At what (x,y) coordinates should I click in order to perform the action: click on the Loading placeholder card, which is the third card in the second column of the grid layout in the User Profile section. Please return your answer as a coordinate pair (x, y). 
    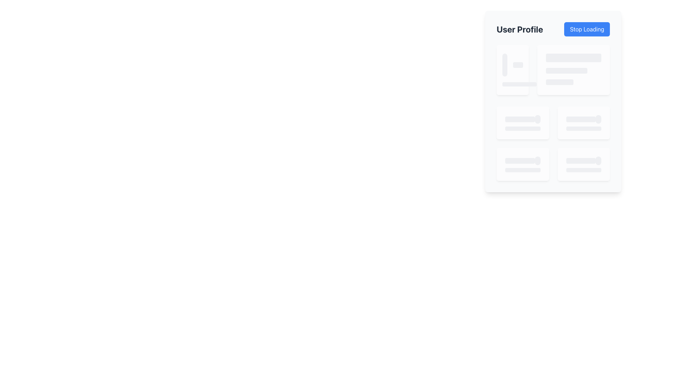
    Looking at the image, I should click on (583, 122).